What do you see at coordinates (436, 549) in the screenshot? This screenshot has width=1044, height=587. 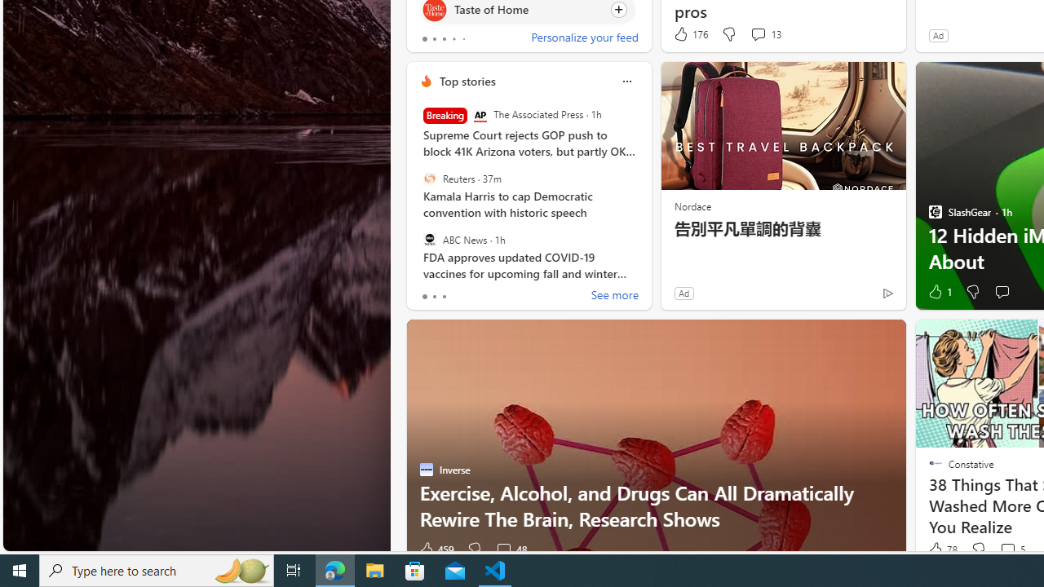 I see `'459 Like'` at bounding box center [436, 549].